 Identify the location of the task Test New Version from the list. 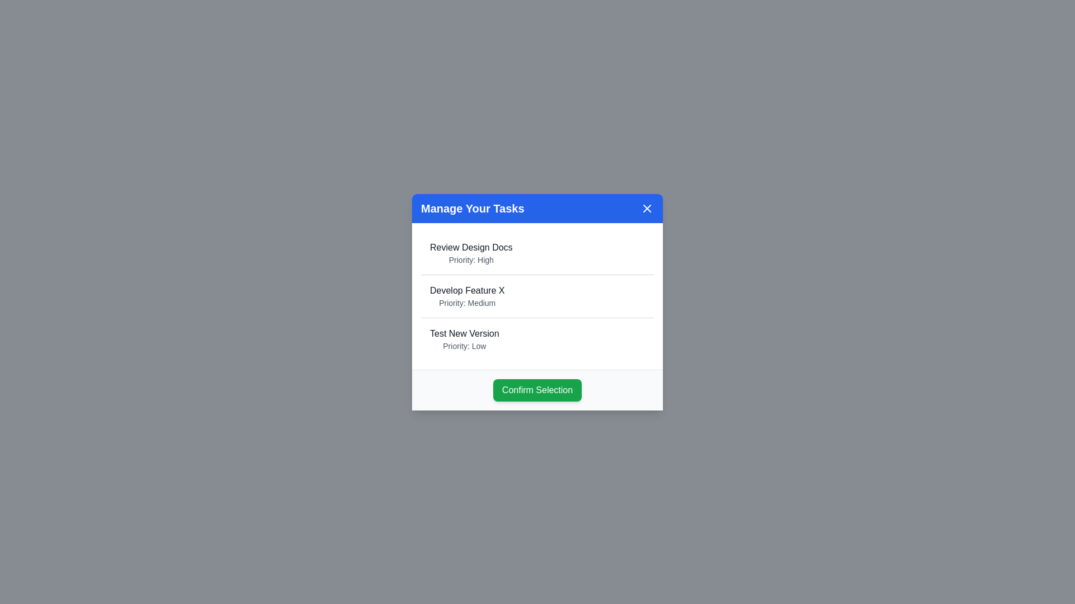
(464, 333).